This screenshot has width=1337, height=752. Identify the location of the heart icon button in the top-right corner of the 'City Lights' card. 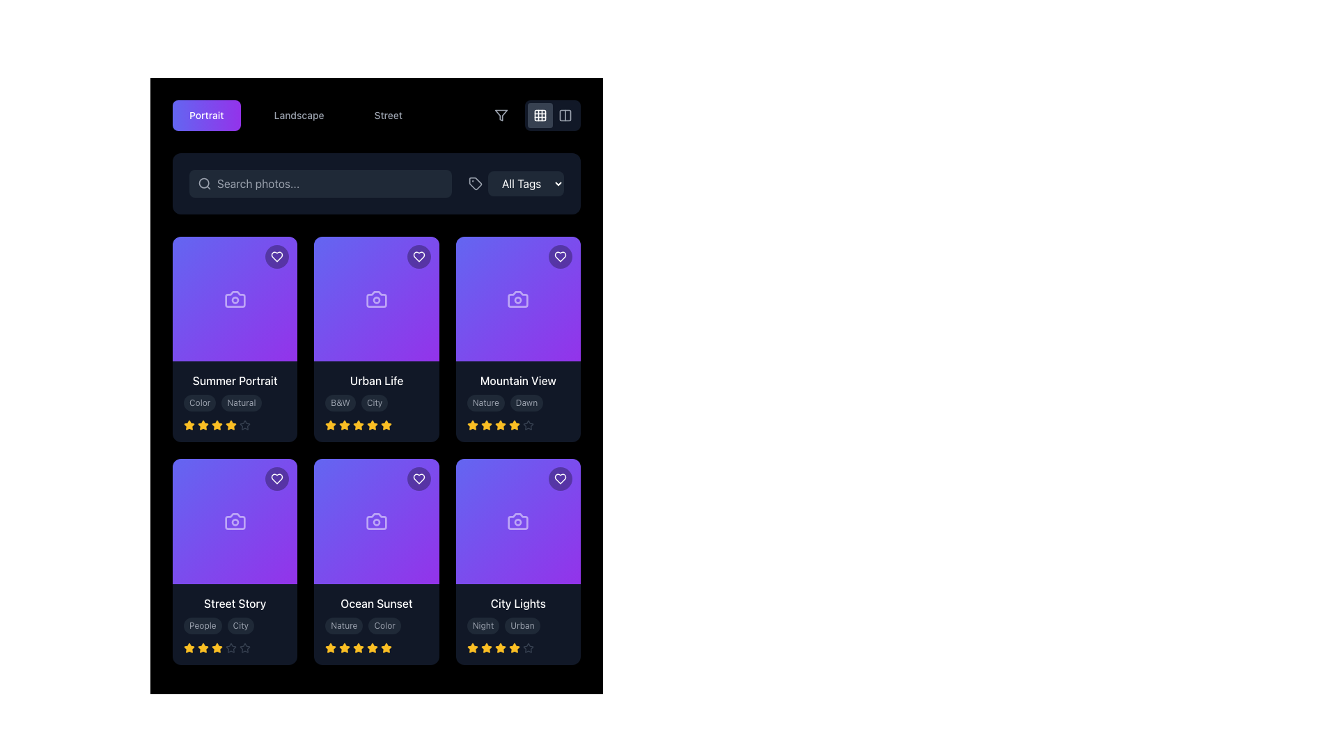
(561, 478).